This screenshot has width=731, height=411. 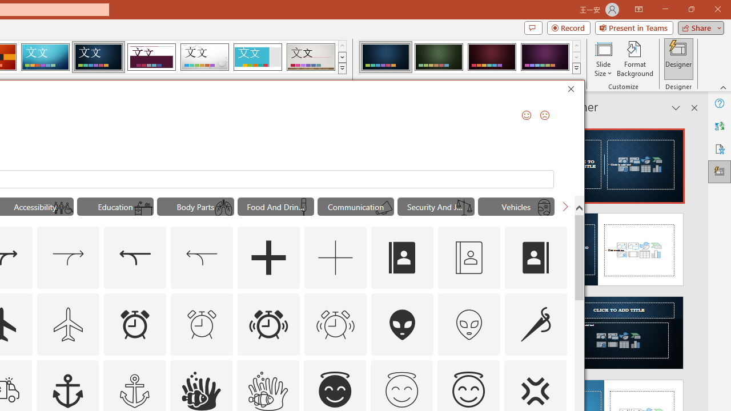 What do you see at coordinates (98, 57) in the screenshot?
I see `'Damask'` at bounding box center [98, 57].